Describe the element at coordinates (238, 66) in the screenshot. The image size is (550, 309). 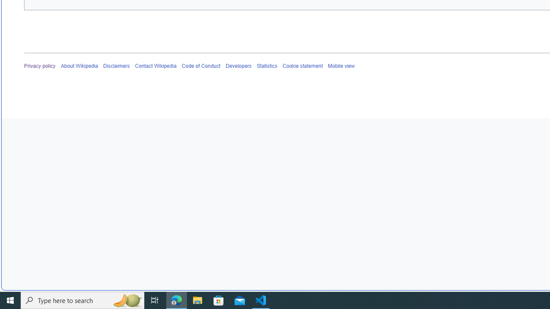
I see `'Developers'` at that location.